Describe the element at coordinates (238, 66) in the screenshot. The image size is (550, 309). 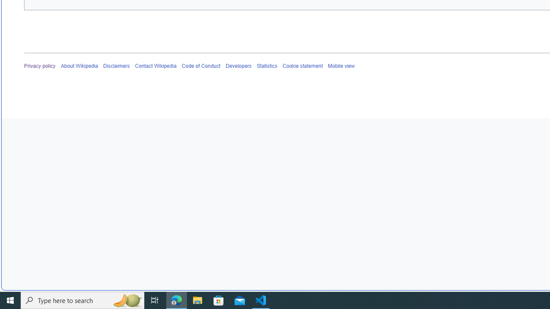
I see `'Developers'` at that location.